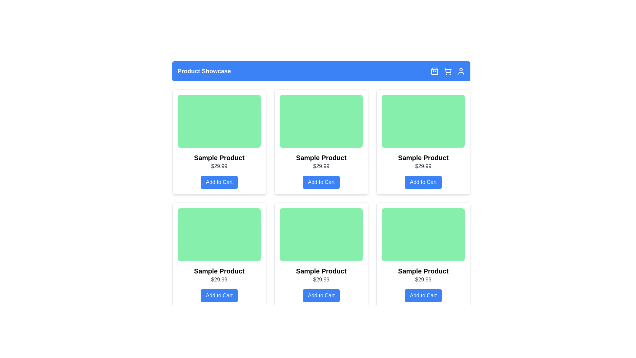 The height and width of the screenshot is (358, 636). I want to click on the Static Content element that serves as a visual representation or placeholder for a product image, located in the second column of the first row of product items, so click(423, 121).